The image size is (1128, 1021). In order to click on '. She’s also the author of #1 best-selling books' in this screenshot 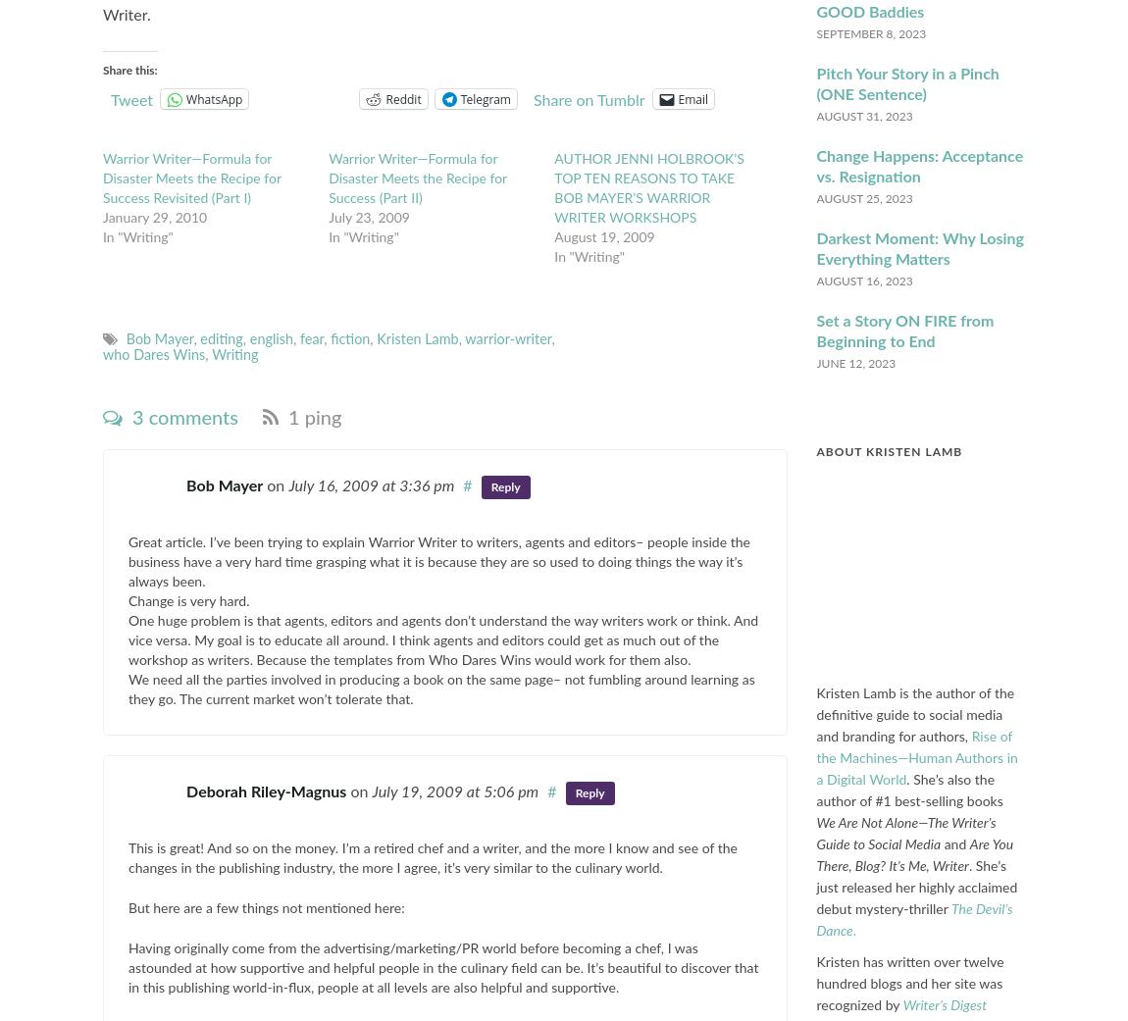, I will do `click(909, 791)`.